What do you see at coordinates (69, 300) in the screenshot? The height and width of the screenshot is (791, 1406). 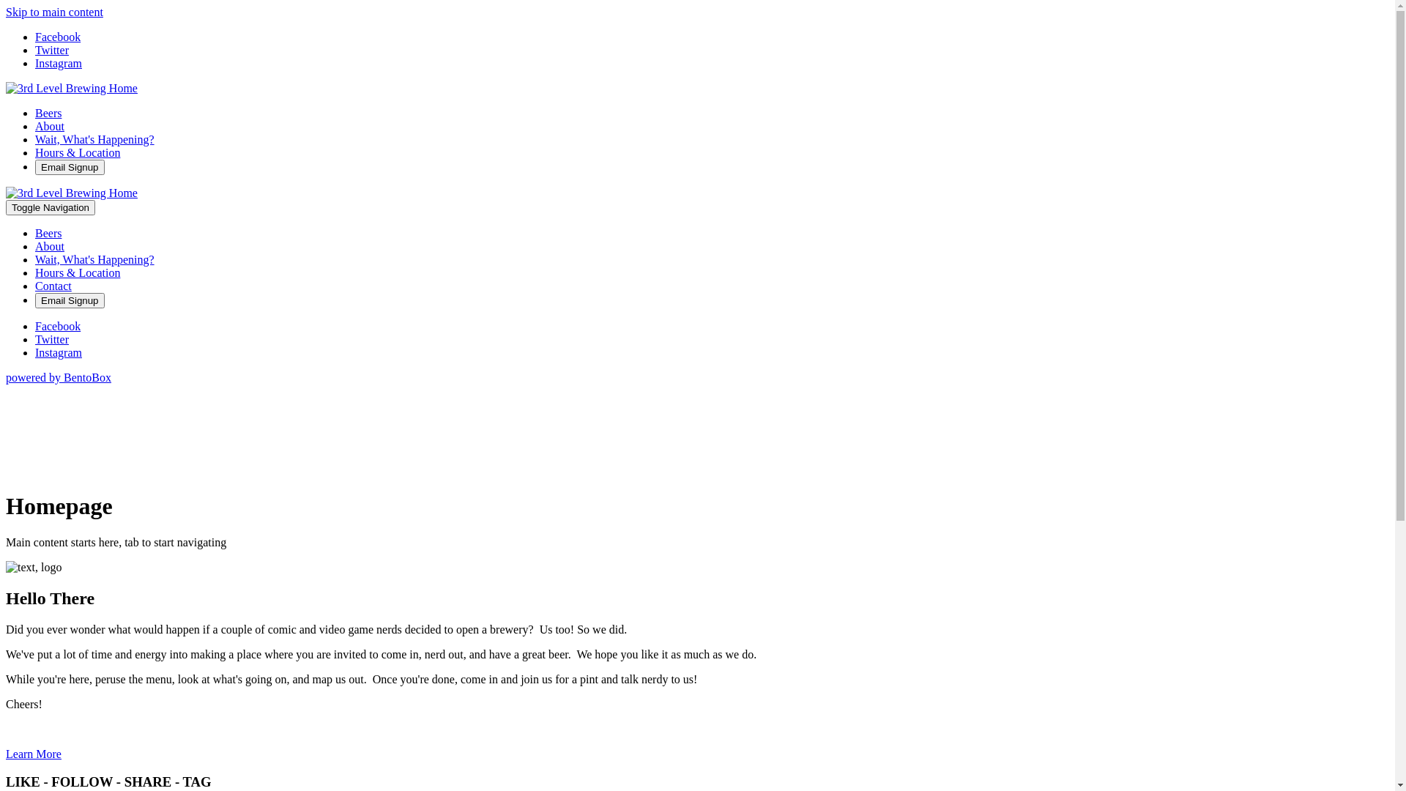 I see `'Email Signup'` at bounding box center [69, 300].